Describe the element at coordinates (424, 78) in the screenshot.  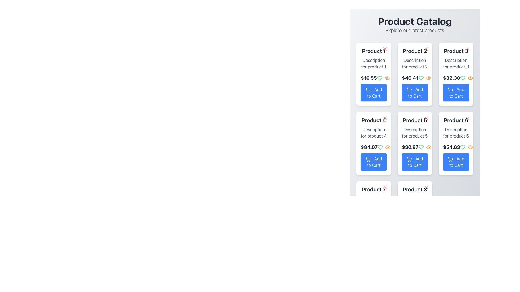
I see `the group of interactive icons, which includes a green heart icon and an orange eye icon, located in the second column of the first row of the product card interface` at that location.